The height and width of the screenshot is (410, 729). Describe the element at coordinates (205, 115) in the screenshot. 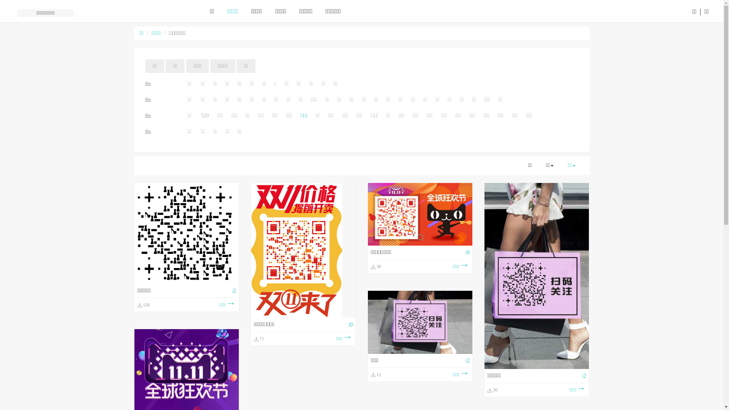

I see `'520'` at that location.